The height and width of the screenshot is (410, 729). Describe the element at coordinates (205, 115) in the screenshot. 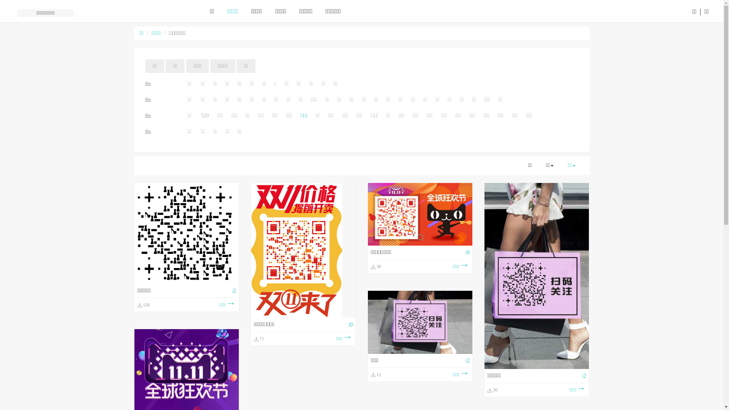

I see `'520'` at that location.